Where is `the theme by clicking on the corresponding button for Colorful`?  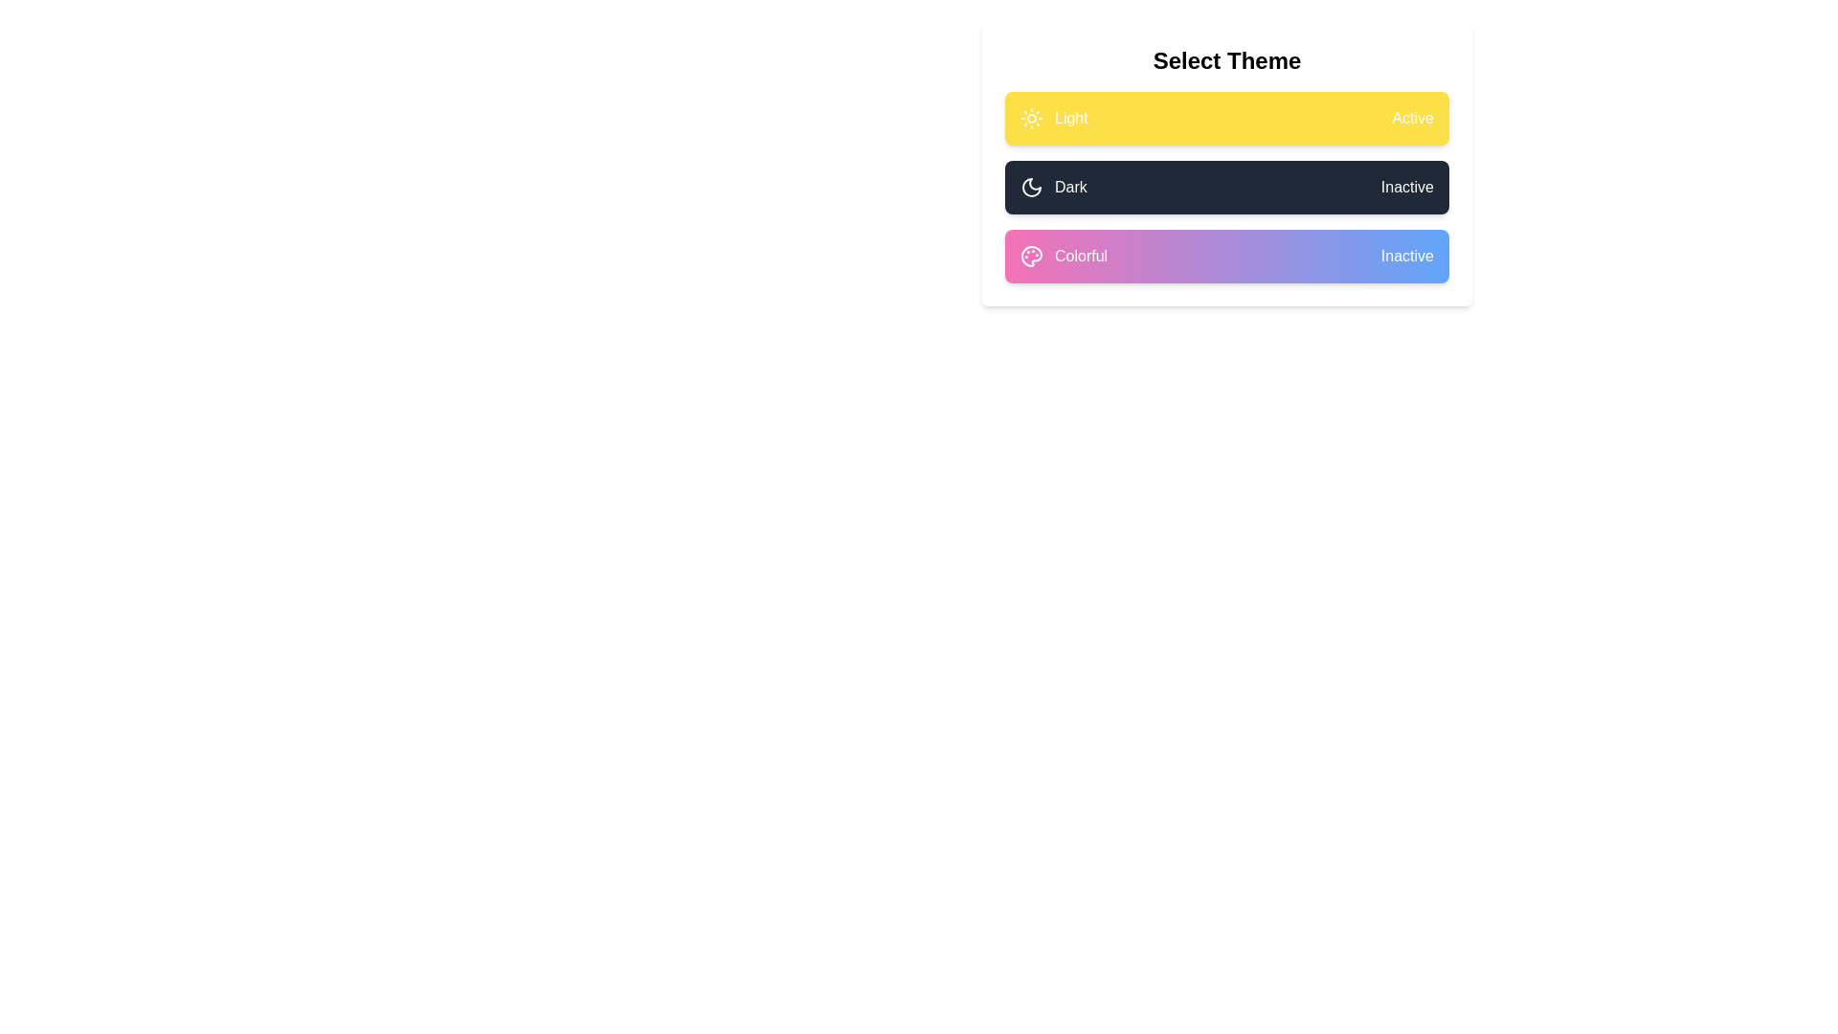 the theme by clicking on the corresponding button for Colorful is located at coordinates (1226, 255).